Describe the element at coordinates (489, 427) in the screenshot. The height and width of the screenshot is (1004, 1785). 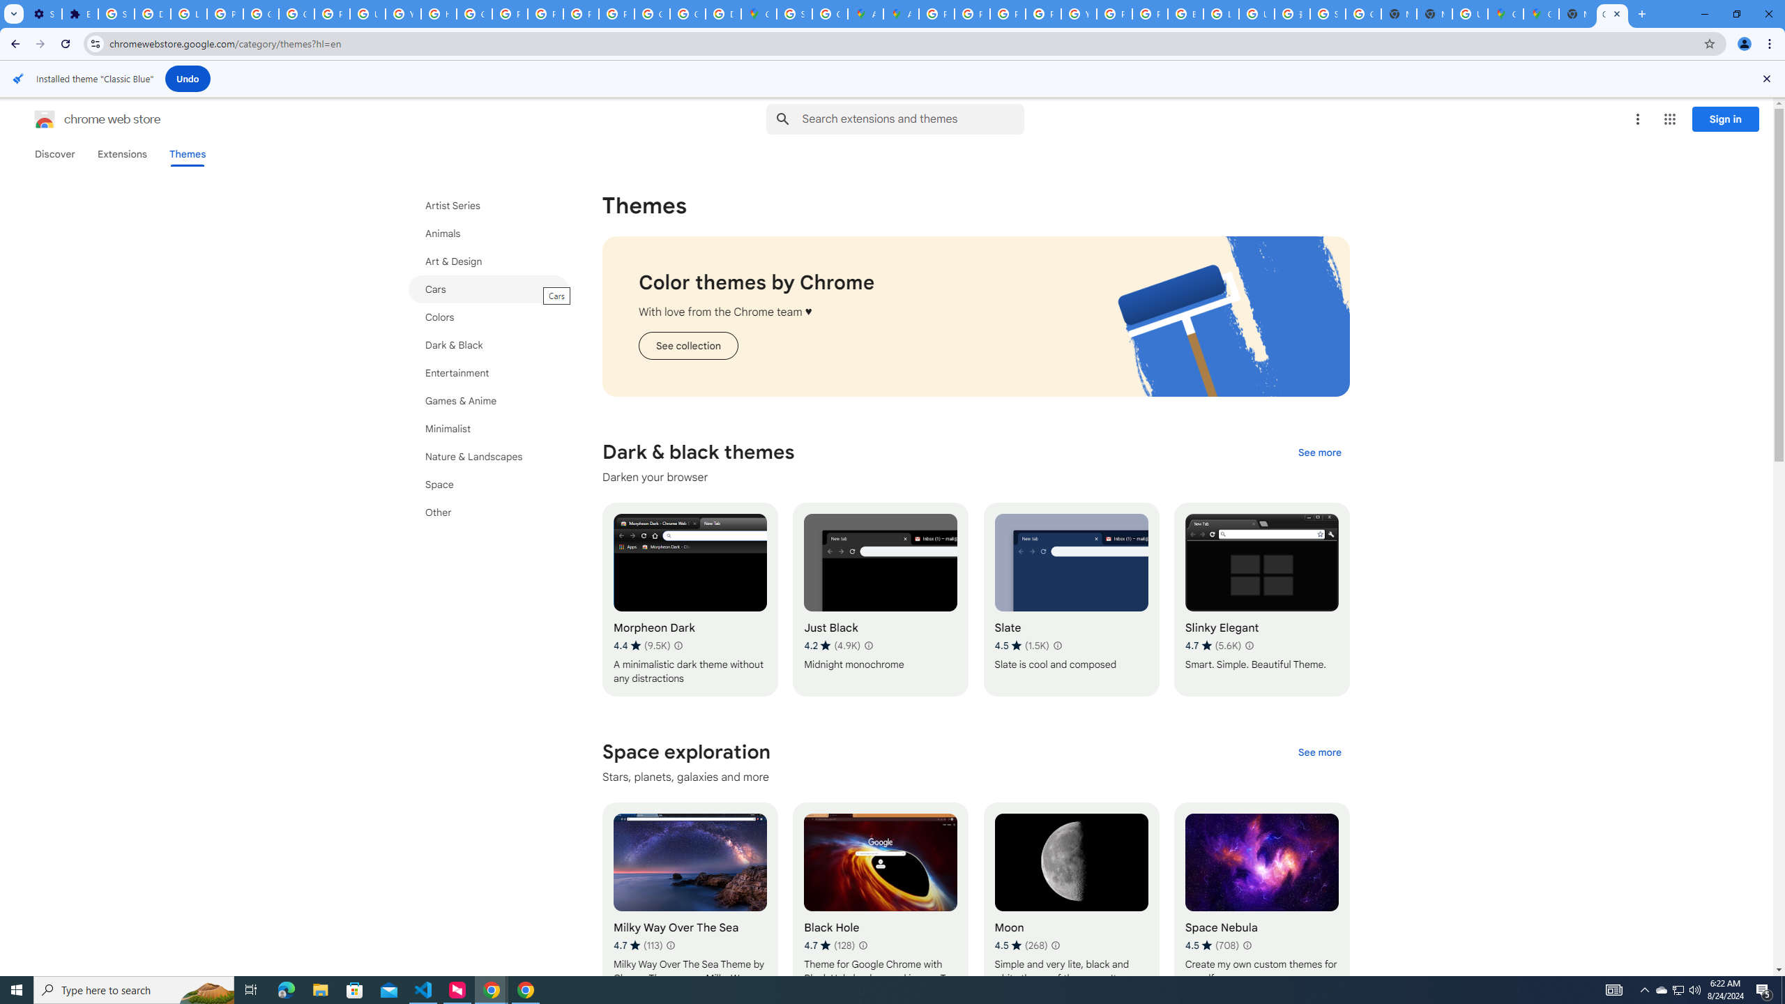
I see `'Minimalist'` at that location.